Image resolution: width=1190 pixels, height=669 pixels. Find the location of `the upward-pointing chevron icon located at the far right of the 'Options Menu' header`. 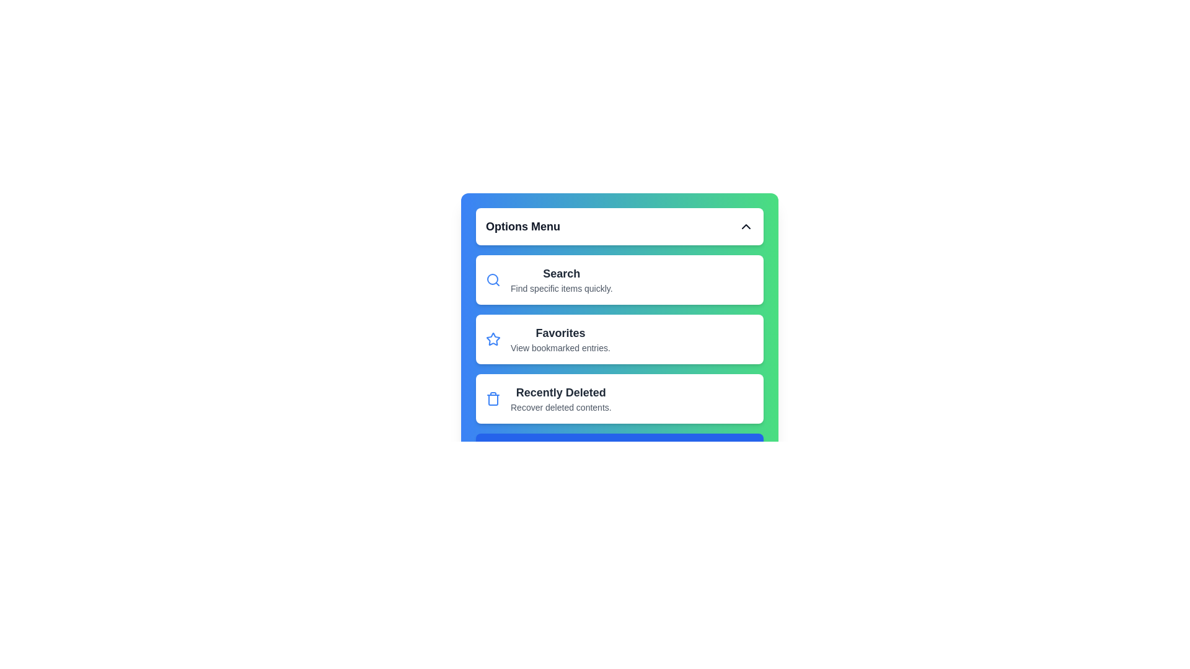

the upward-pointing chevron icon located at the far right of the 'Options Menu' header is located at coordinates (746, 227).